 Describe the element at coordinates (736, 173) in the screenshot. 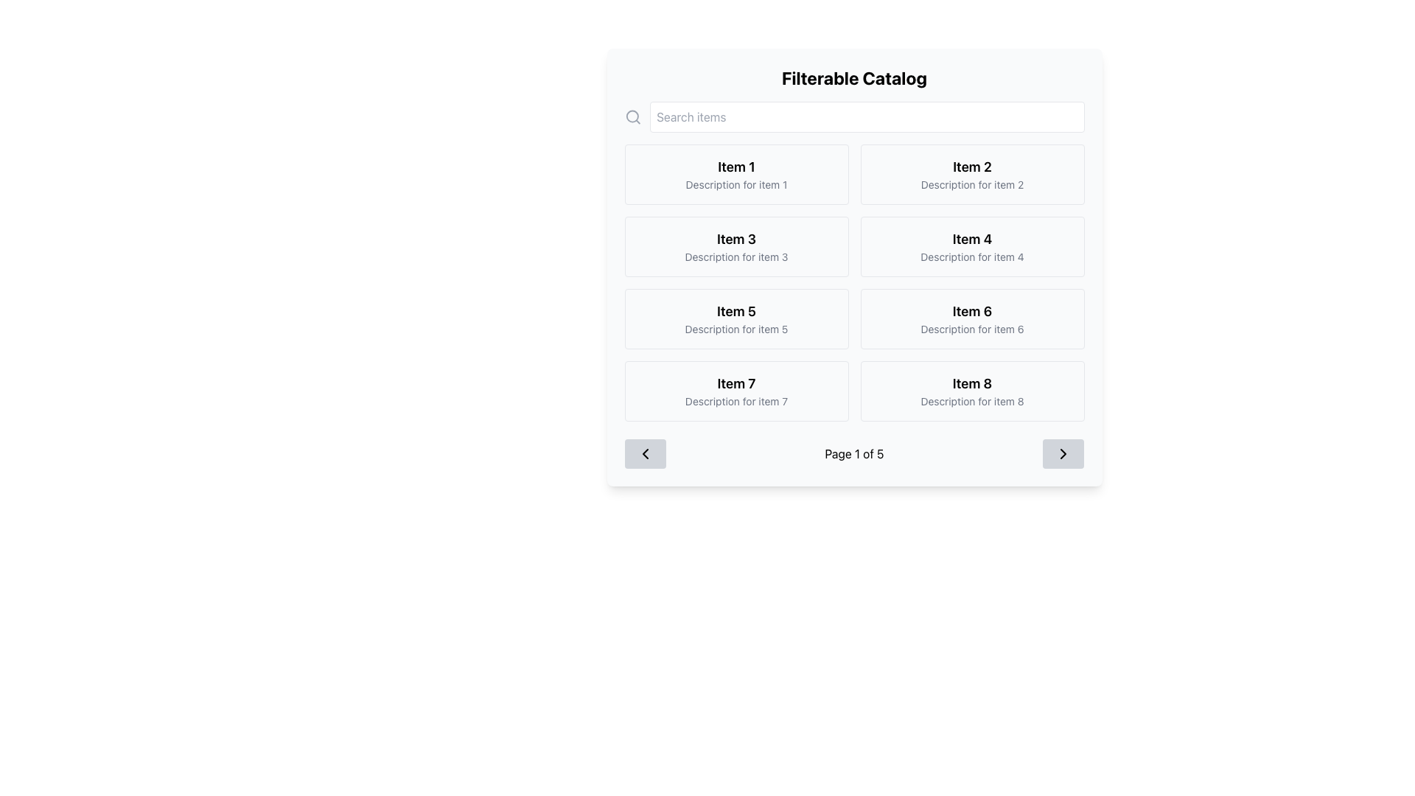

I see `the first card in the grid layout displaying 'Item 1' and its description, located under the 'Filterable Catalog' section` at that location.